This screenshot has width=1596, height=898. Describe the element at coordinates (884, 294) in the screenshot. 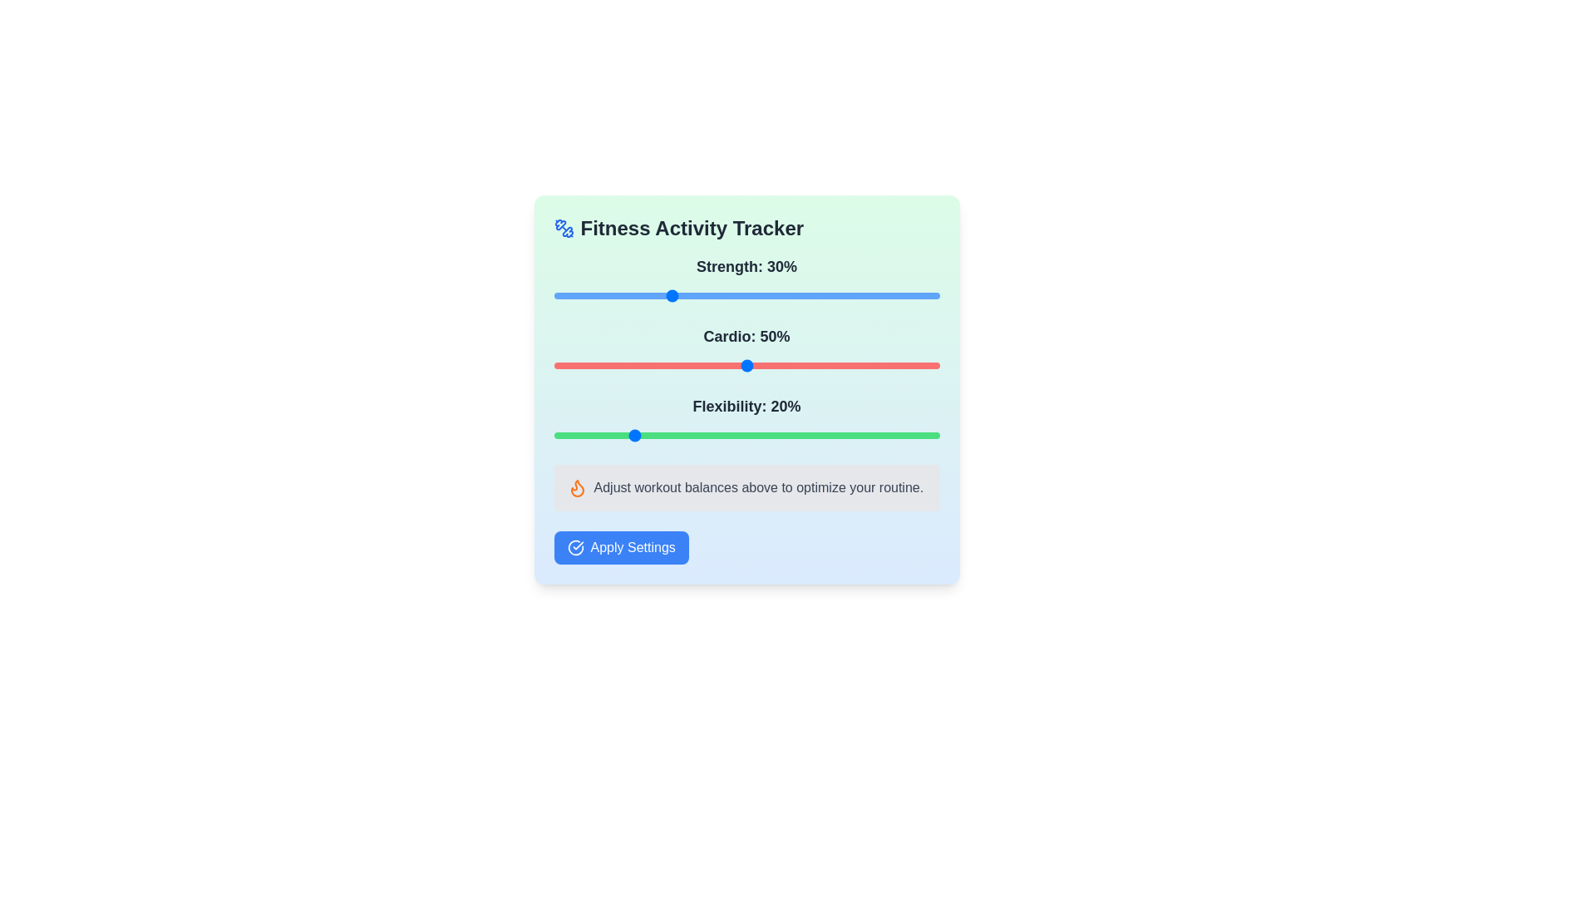

I see `the slider value` at that location.